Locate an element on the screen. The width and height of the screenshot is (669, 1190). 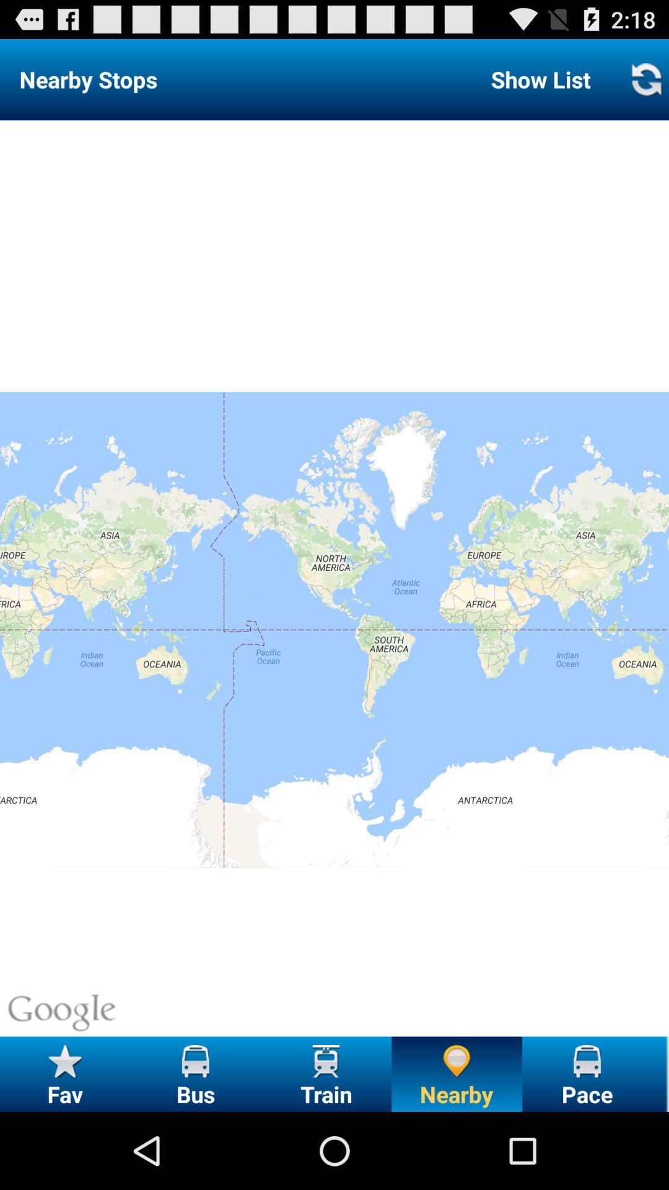
item below the show list item is located at coordinates (334, 578).